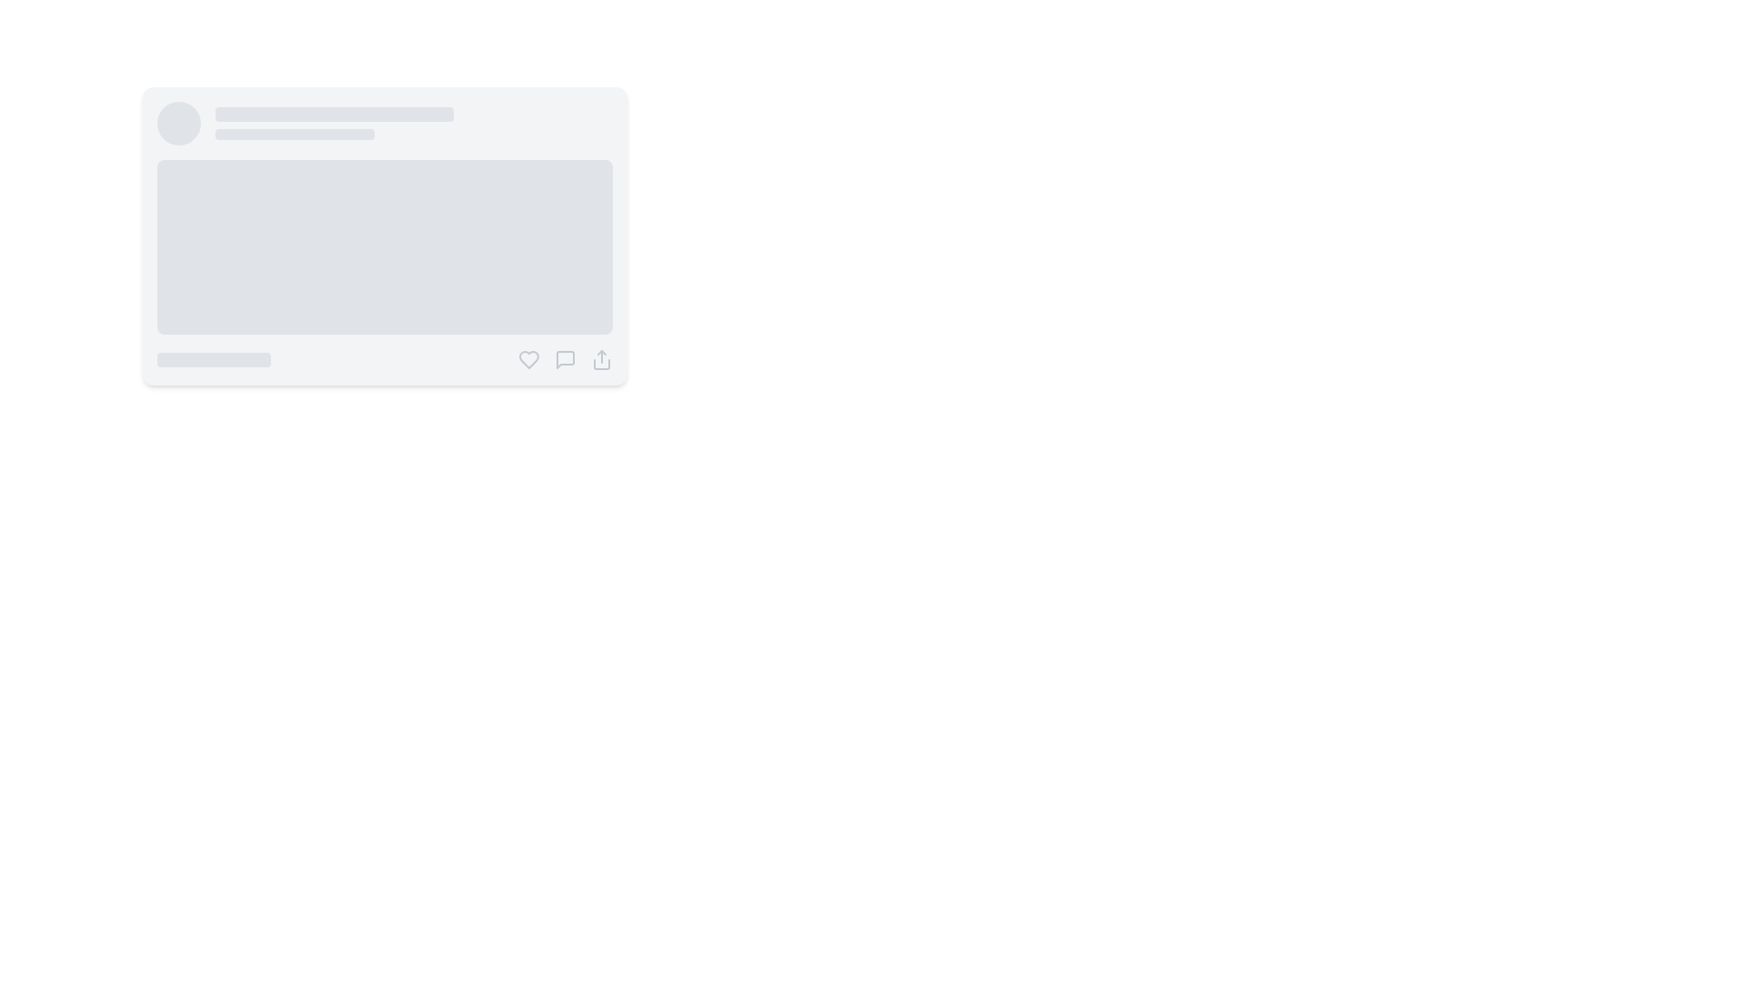 This screenshot has height=982, width=1746. What do you see at coordinates (602, 360) in the screenshot?
I see `the sharing icon button, which is an upward arrow in a square base located in the bottom-right corner of the card-like section` at bounding box center [602, 360].